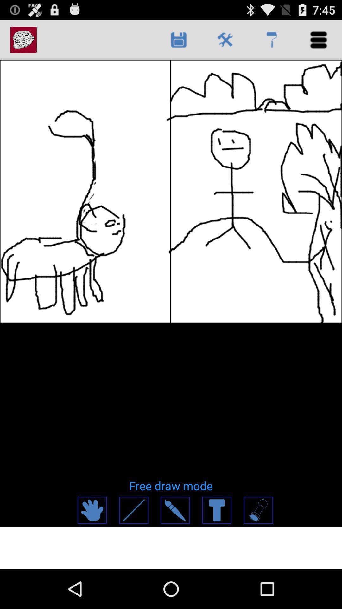  What do you see at coordinates (258, 510) in the screenshot?
I see `geometric shapes` at bounding box center [258, 510].